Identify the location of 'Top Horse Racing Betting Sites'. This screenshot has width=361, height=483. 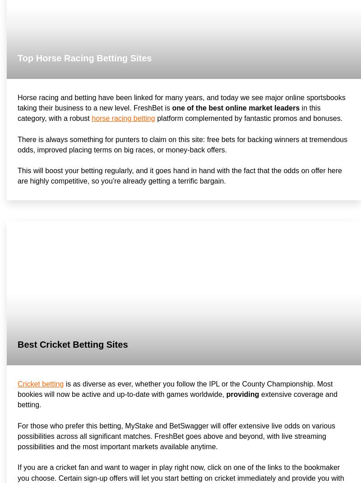
(84, 57).